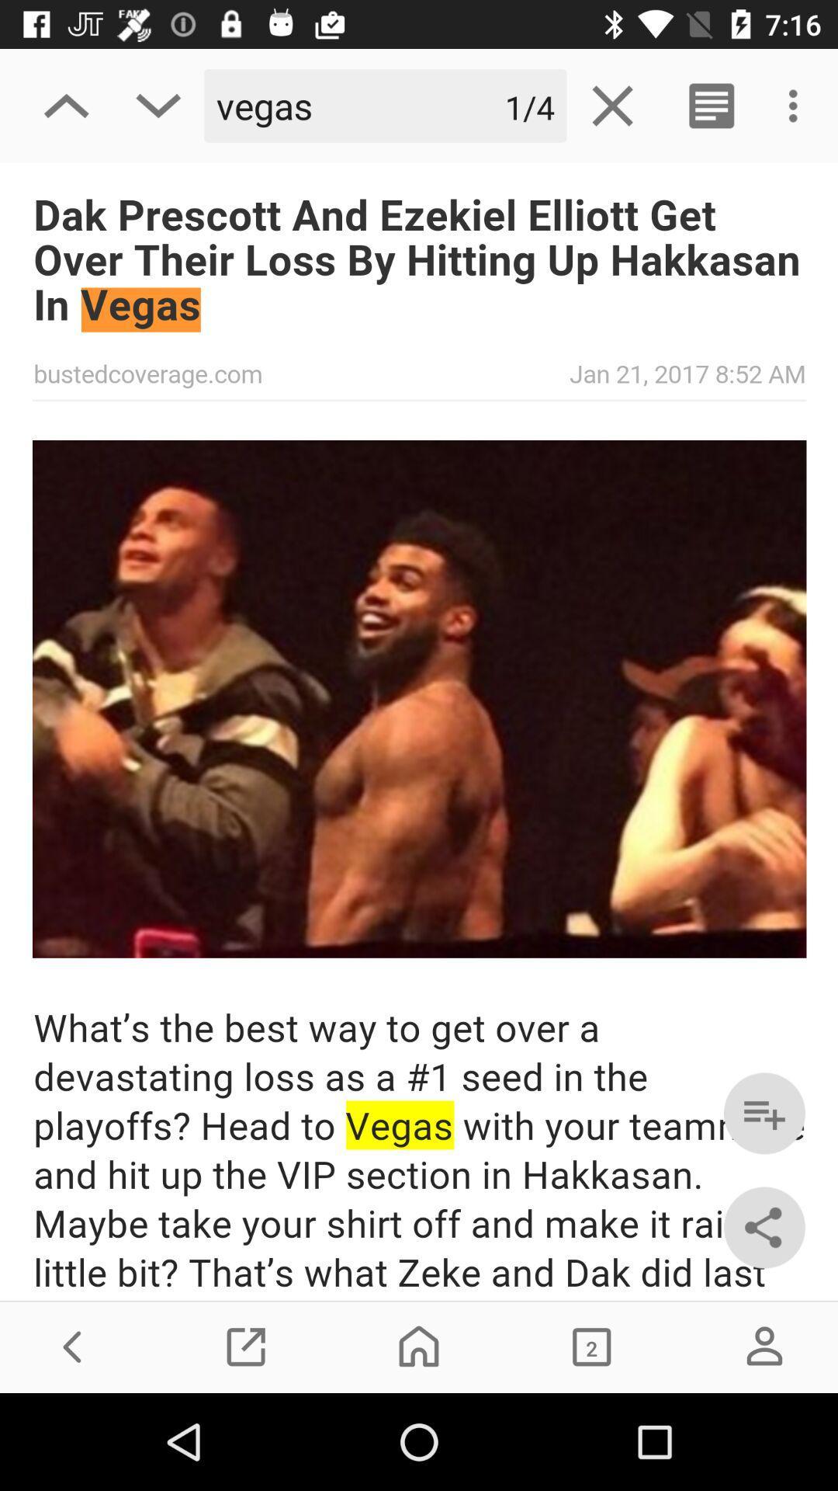 This screenshot has height=1491, width=838. I want to click on the avatar icon, so click(764, 1346).